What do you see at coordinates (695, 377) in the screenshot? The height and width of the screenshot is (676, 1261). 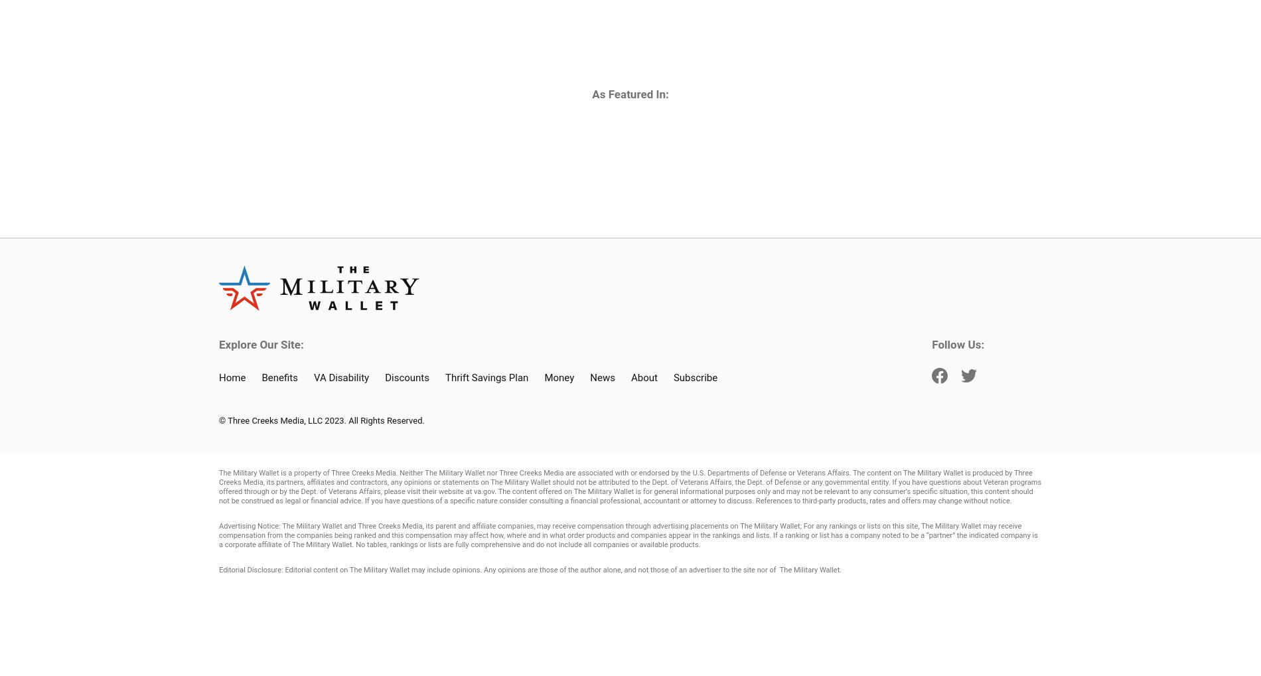 I see `'Subscribe'` at bounding box center [695, 377].